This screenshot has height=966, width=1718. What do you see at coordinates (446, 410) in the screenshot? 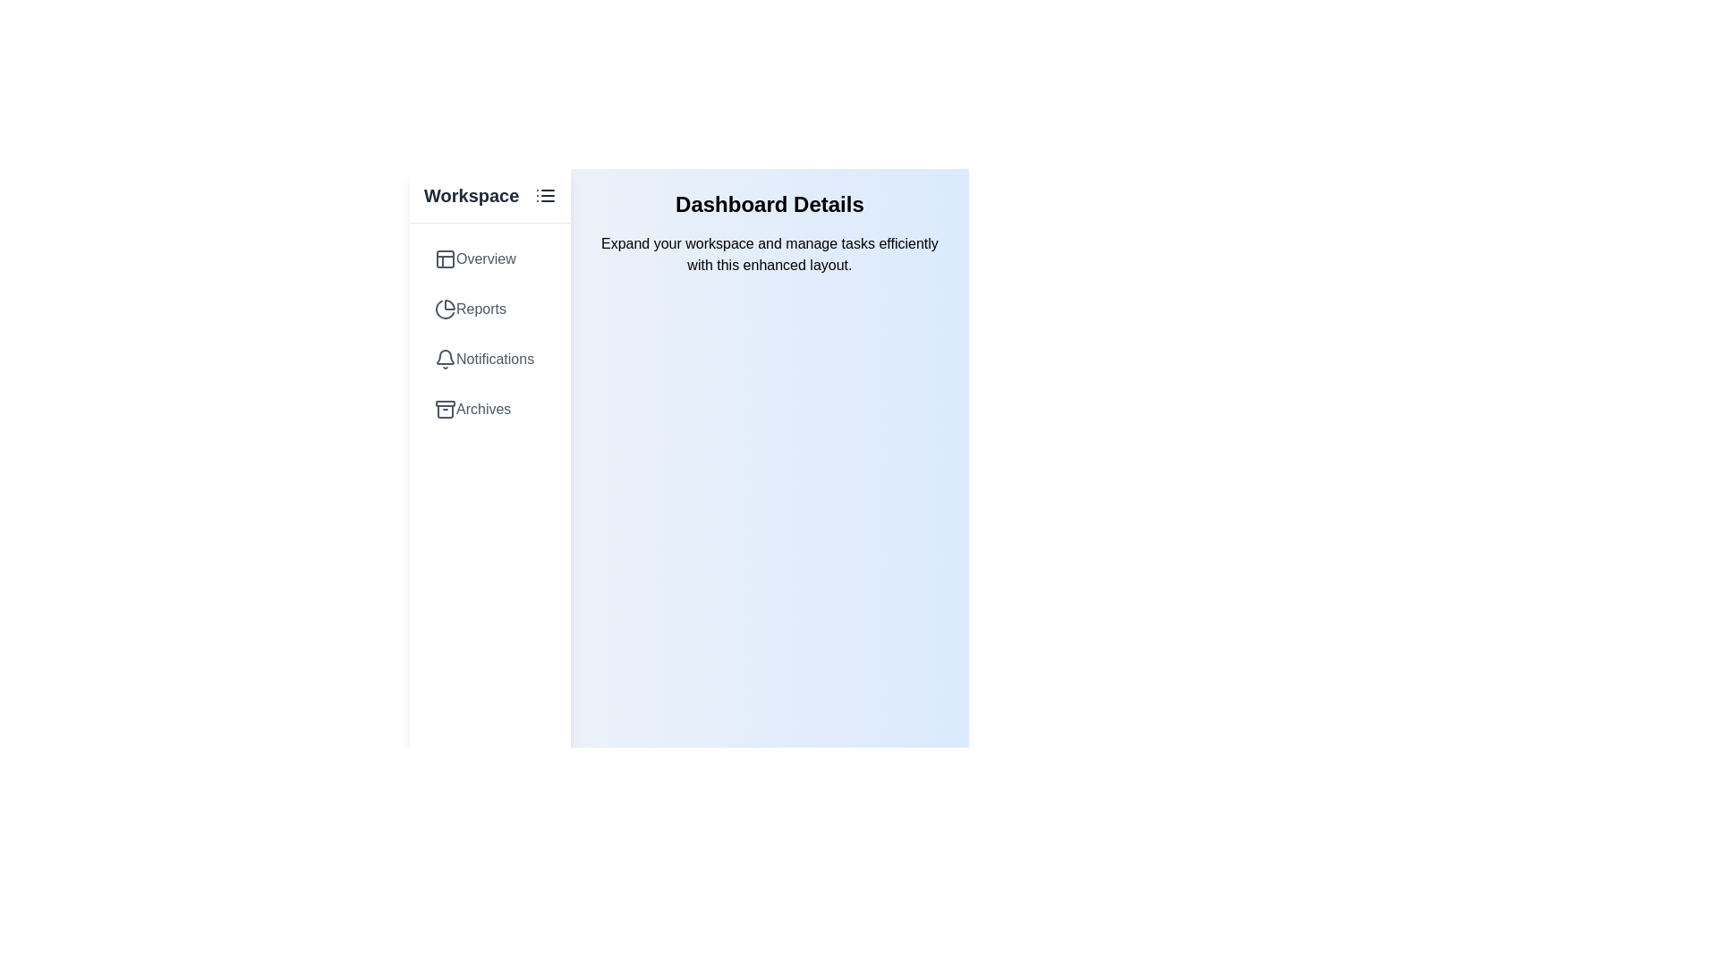
I see `the icon associated with the Archives list item` at bounding box center [446, 410].